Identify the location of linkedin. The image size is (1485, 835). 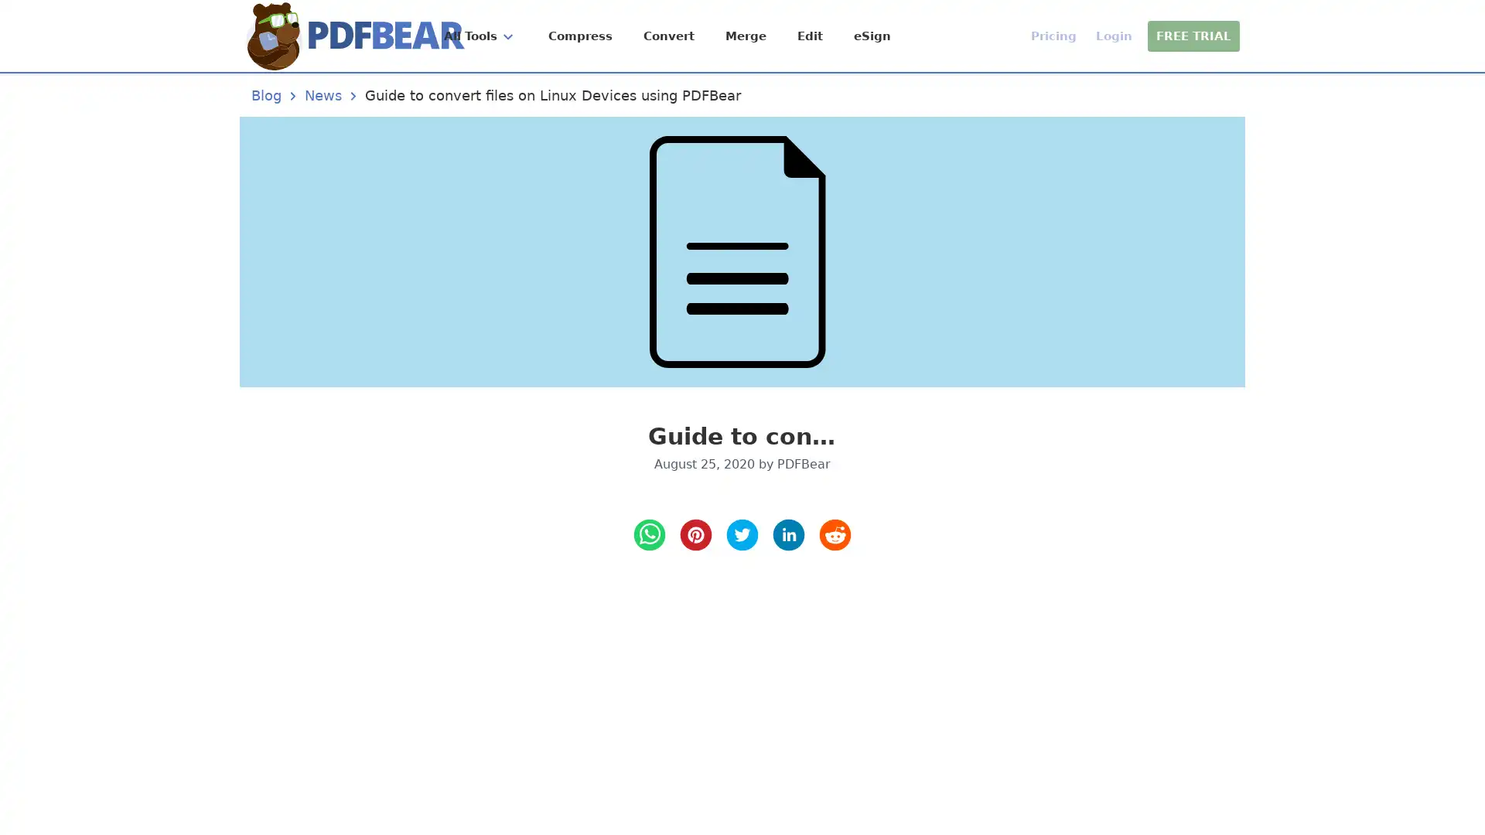
(788, 533).